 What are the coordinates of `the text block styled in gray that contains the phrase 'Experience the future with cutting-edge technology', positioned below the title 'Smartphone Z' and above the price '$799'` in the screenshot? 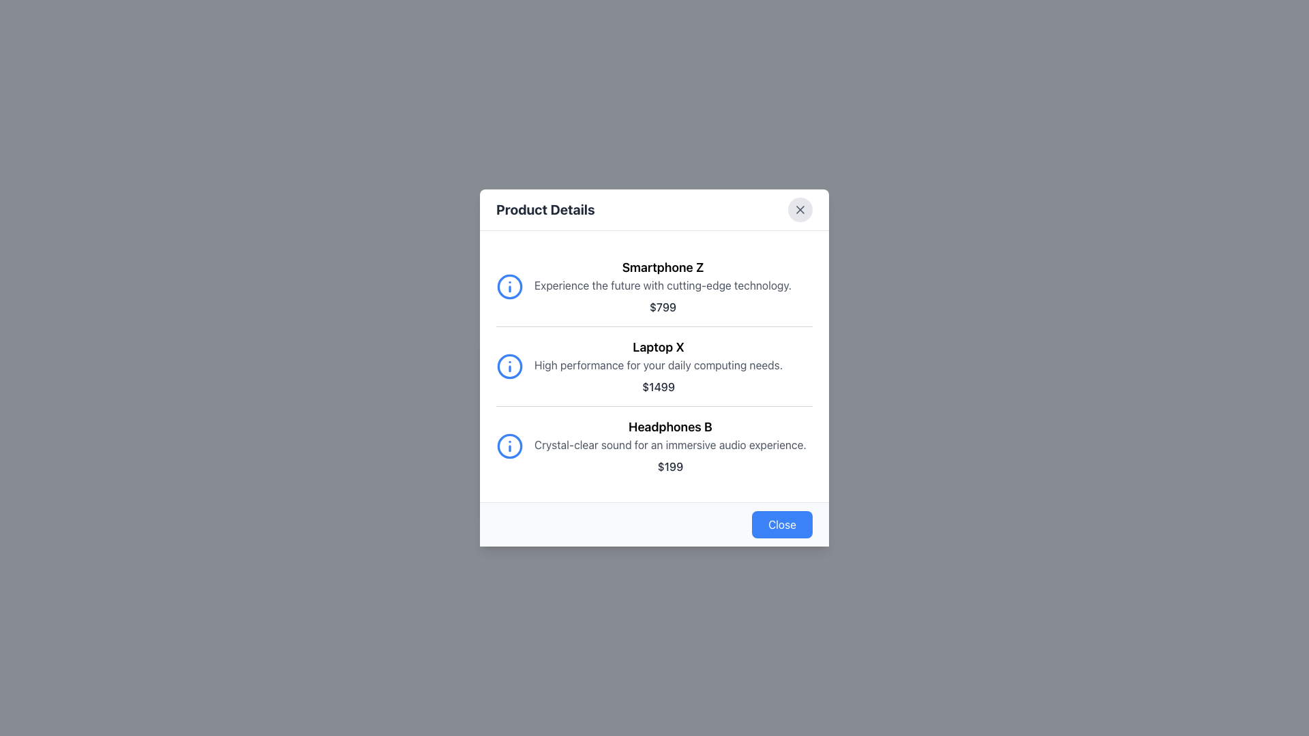 It's located at (663, 285).